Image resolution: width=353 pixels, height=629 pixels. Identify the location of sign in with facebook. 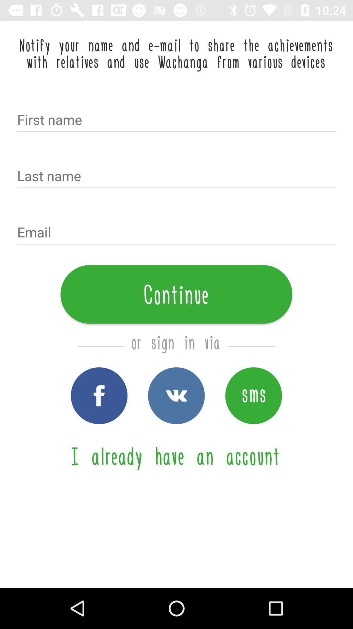
(99, 395).